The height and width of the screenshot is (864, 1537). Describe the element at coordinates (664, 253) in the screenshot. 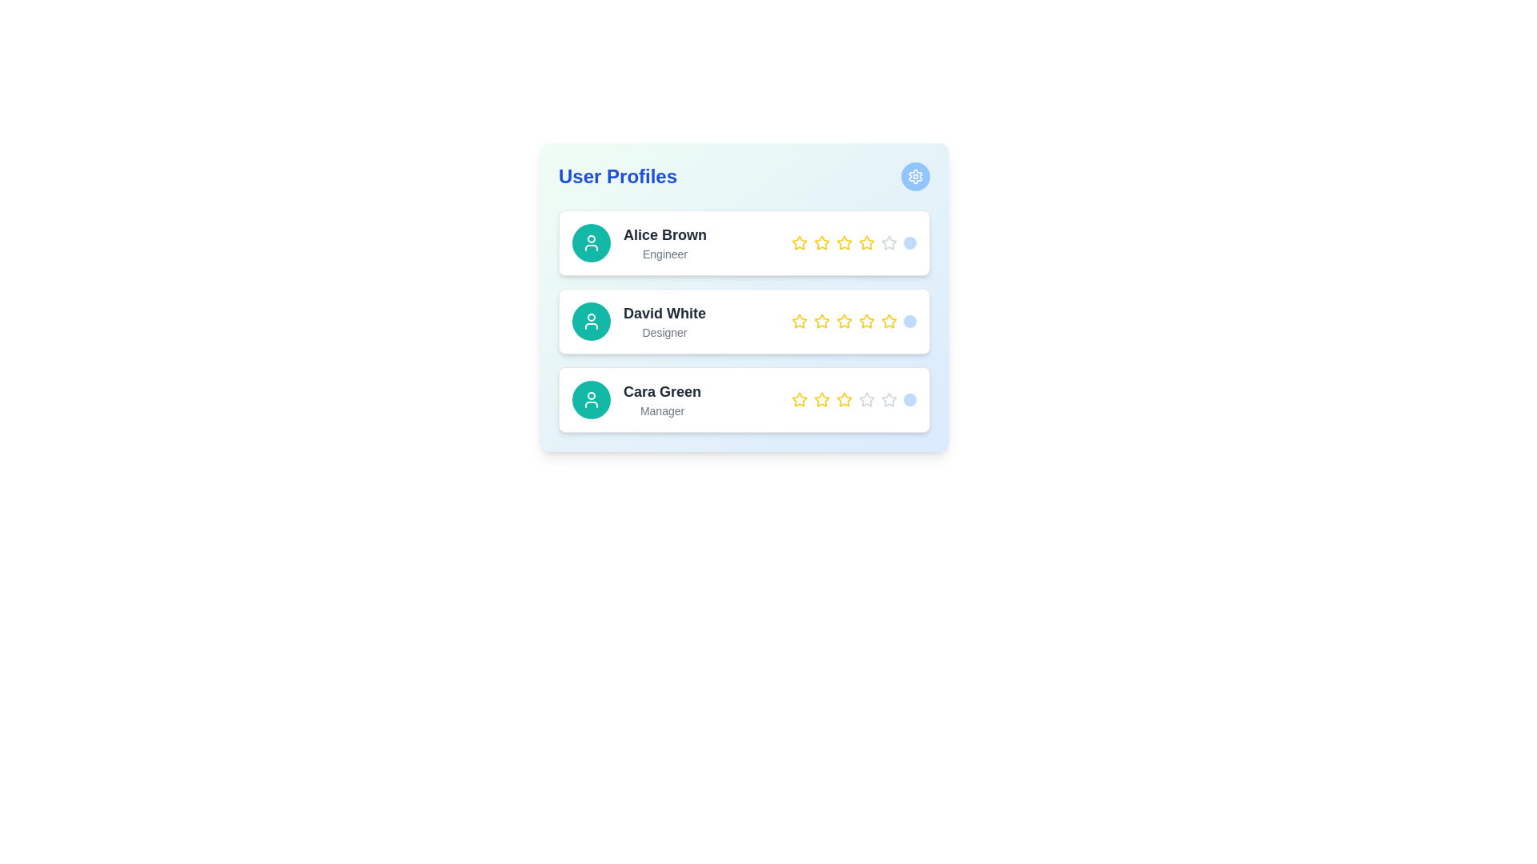

I see `the static text label 'Engineer' which is styled in a smaller gray font and located directly beneath the bold name 'Alice Brown' in the first user profile card` at that location.